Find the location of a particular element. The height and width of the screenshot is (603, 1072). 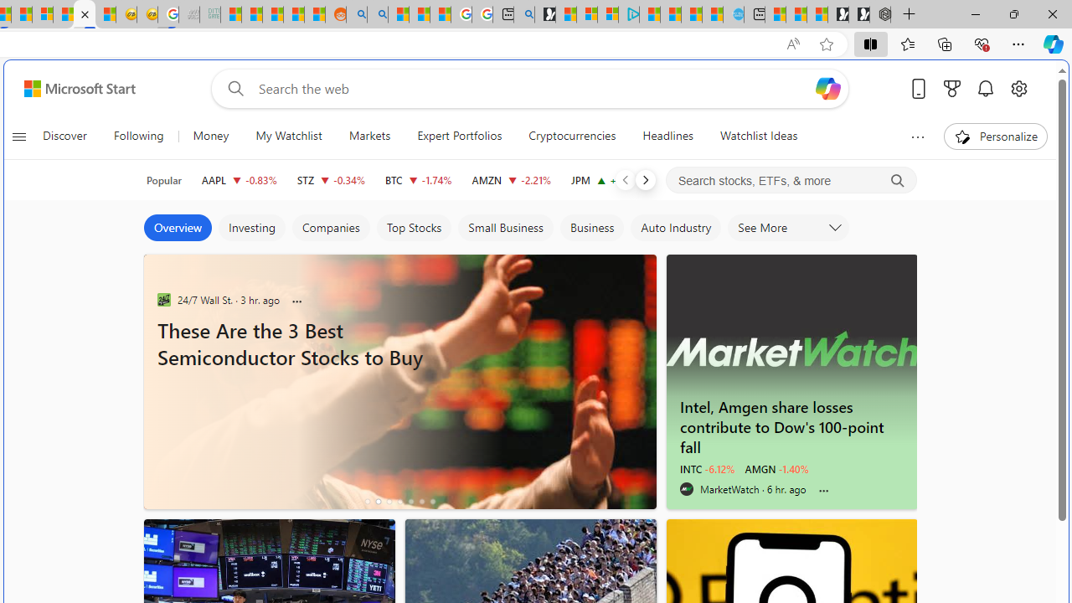

'24/7 Wall St.' is located at coordinates (163, 298).